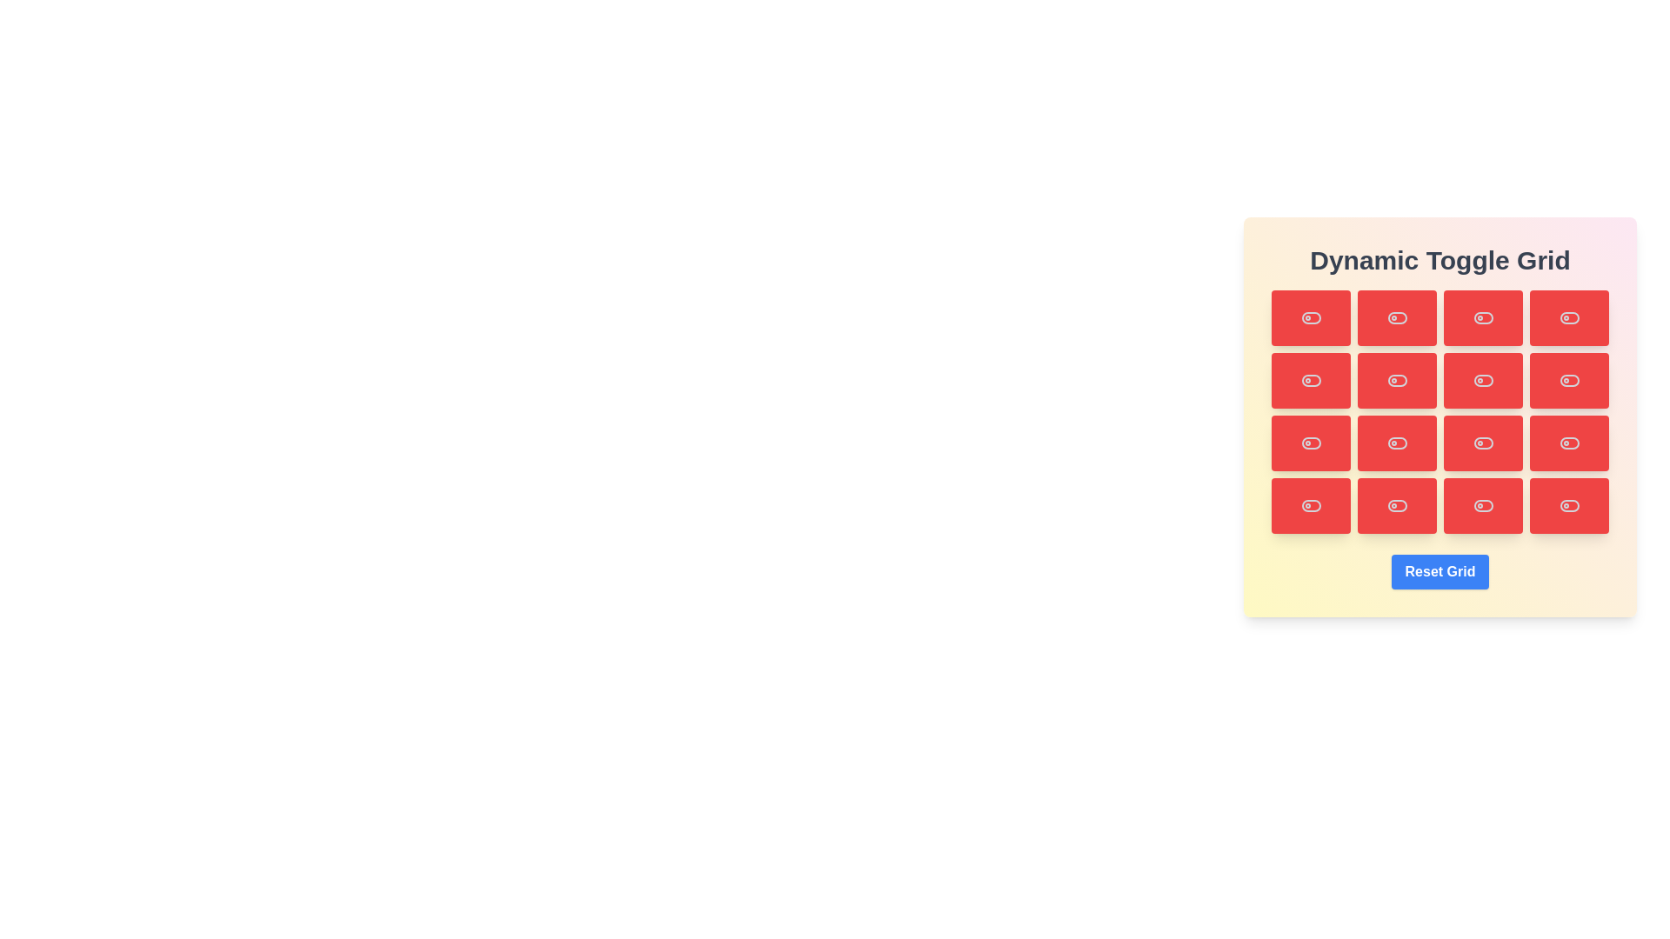 This screenshot has width=1670, height=939. I want to click on the 'Reset Grid' button to reset the grid to its initial state, so click(1440, 572).